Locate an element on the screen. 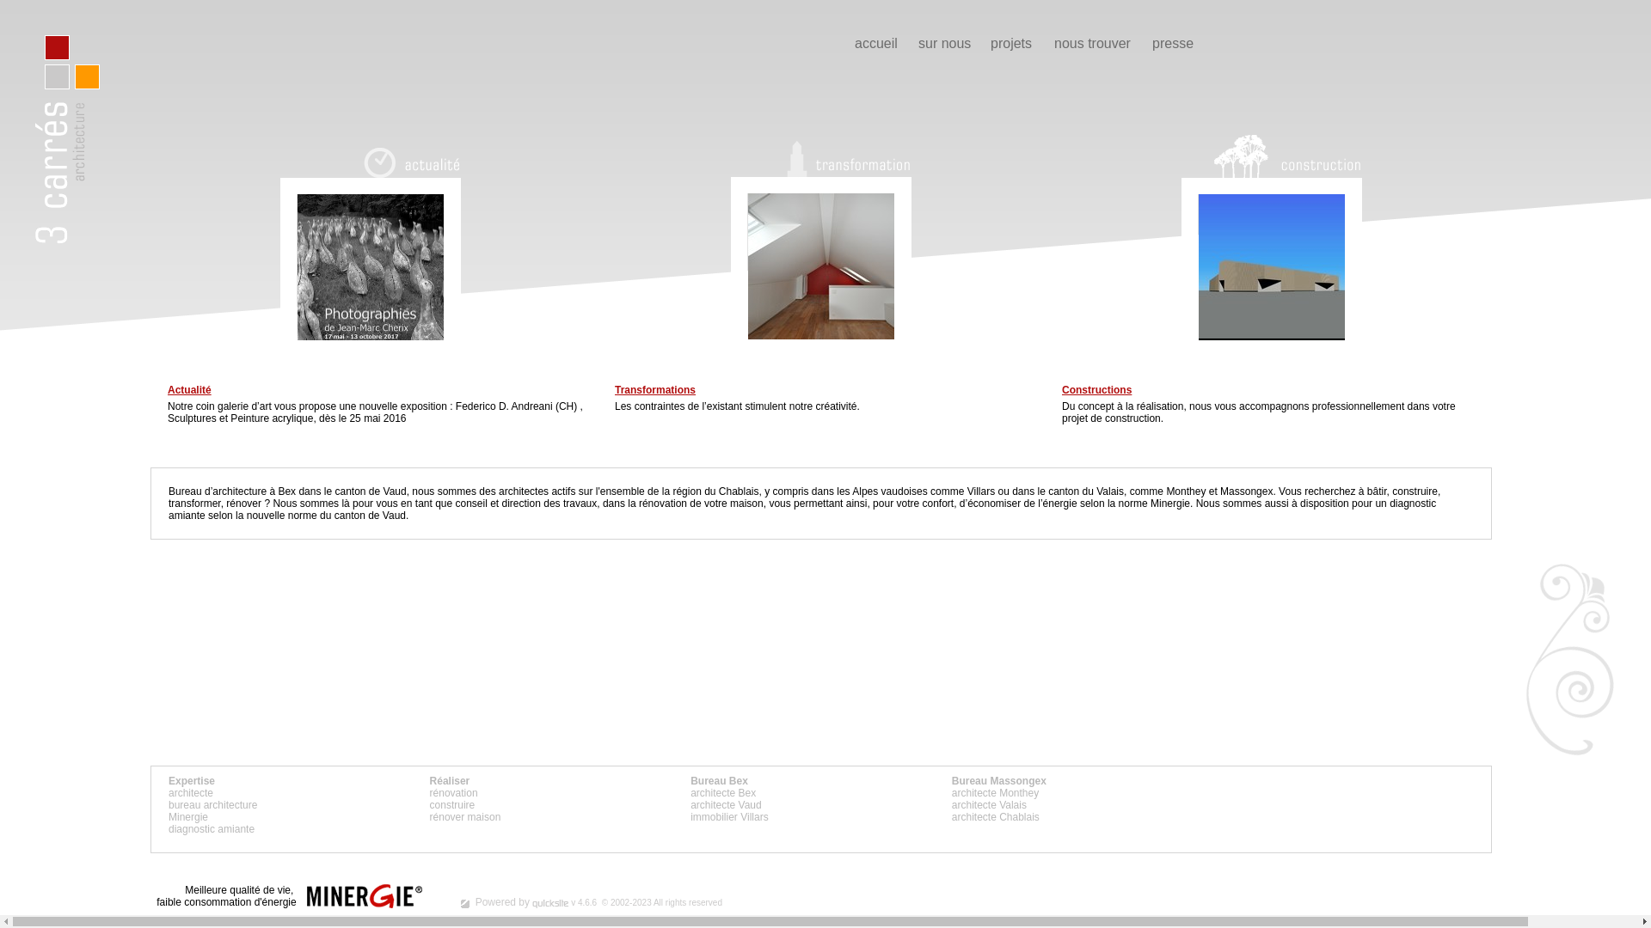 Image resolution: width=1651 pixels, height=928 pixels. 'bureau architecture' is located at coordinates (212, 805).